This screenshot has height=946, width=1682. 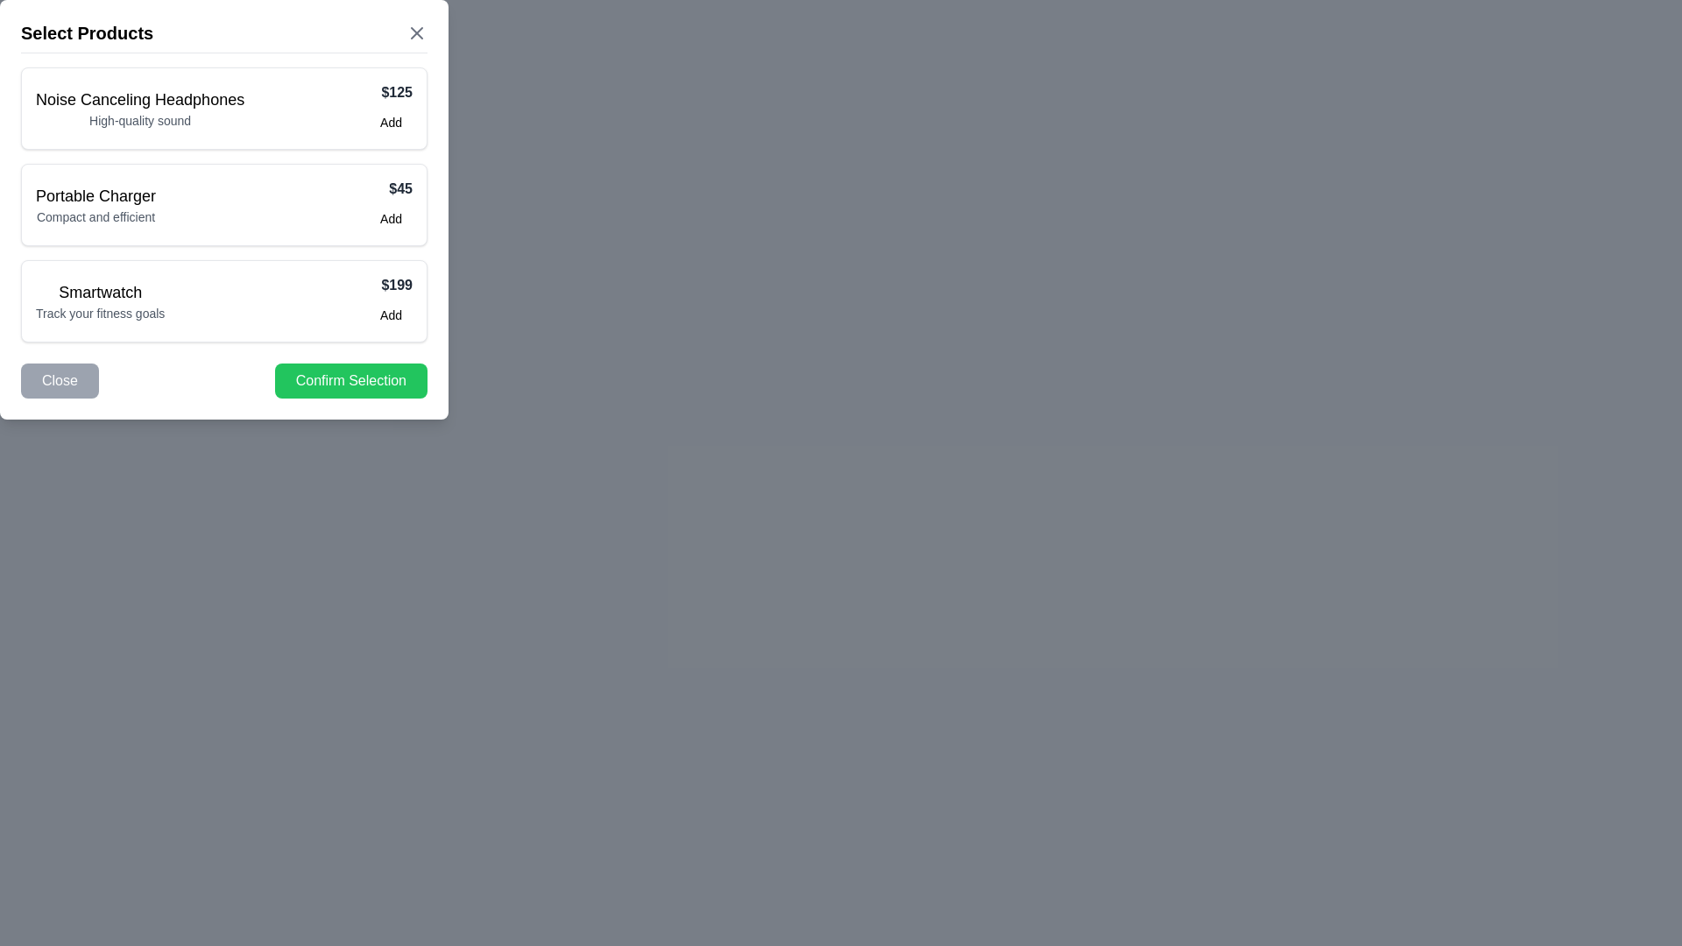 I want to click on the close button represented by an 'X' shape in the top-right corner of the 'Select Products' header, so click(x=415, y=33).